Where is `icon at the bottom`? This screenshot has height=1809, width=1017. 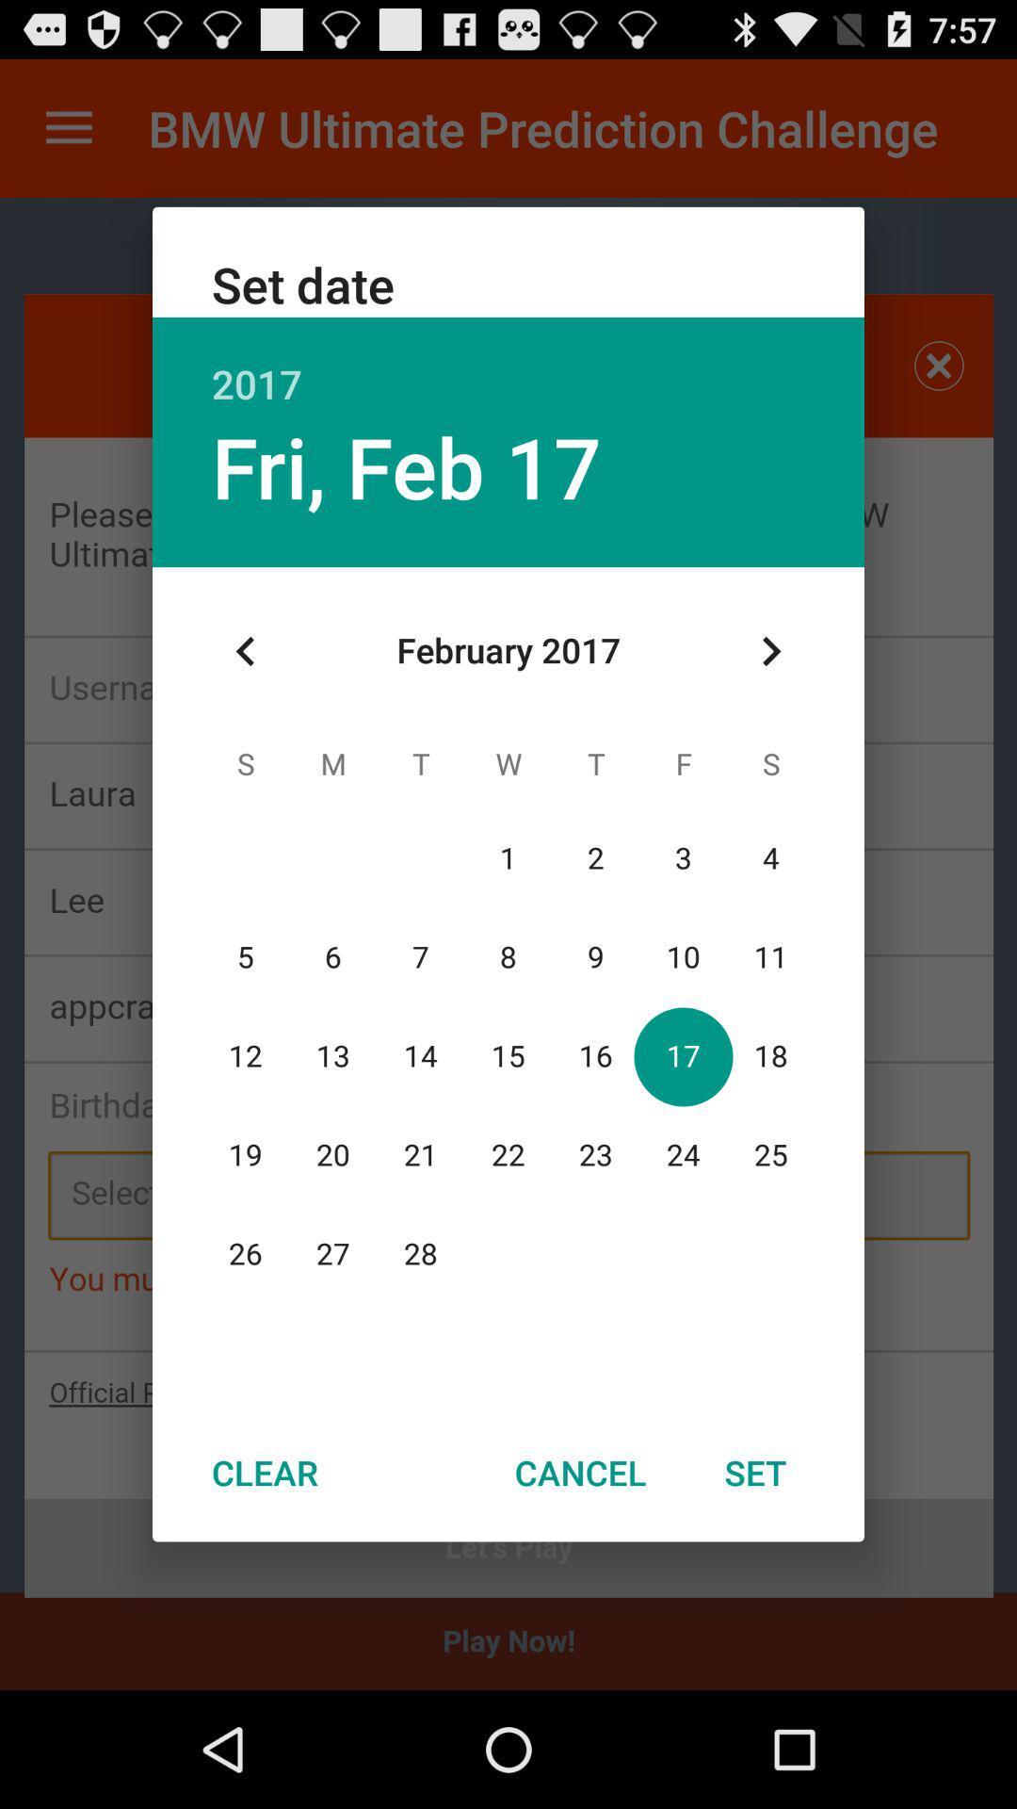
icon at the bottom is located at coordinates (579, 1472).